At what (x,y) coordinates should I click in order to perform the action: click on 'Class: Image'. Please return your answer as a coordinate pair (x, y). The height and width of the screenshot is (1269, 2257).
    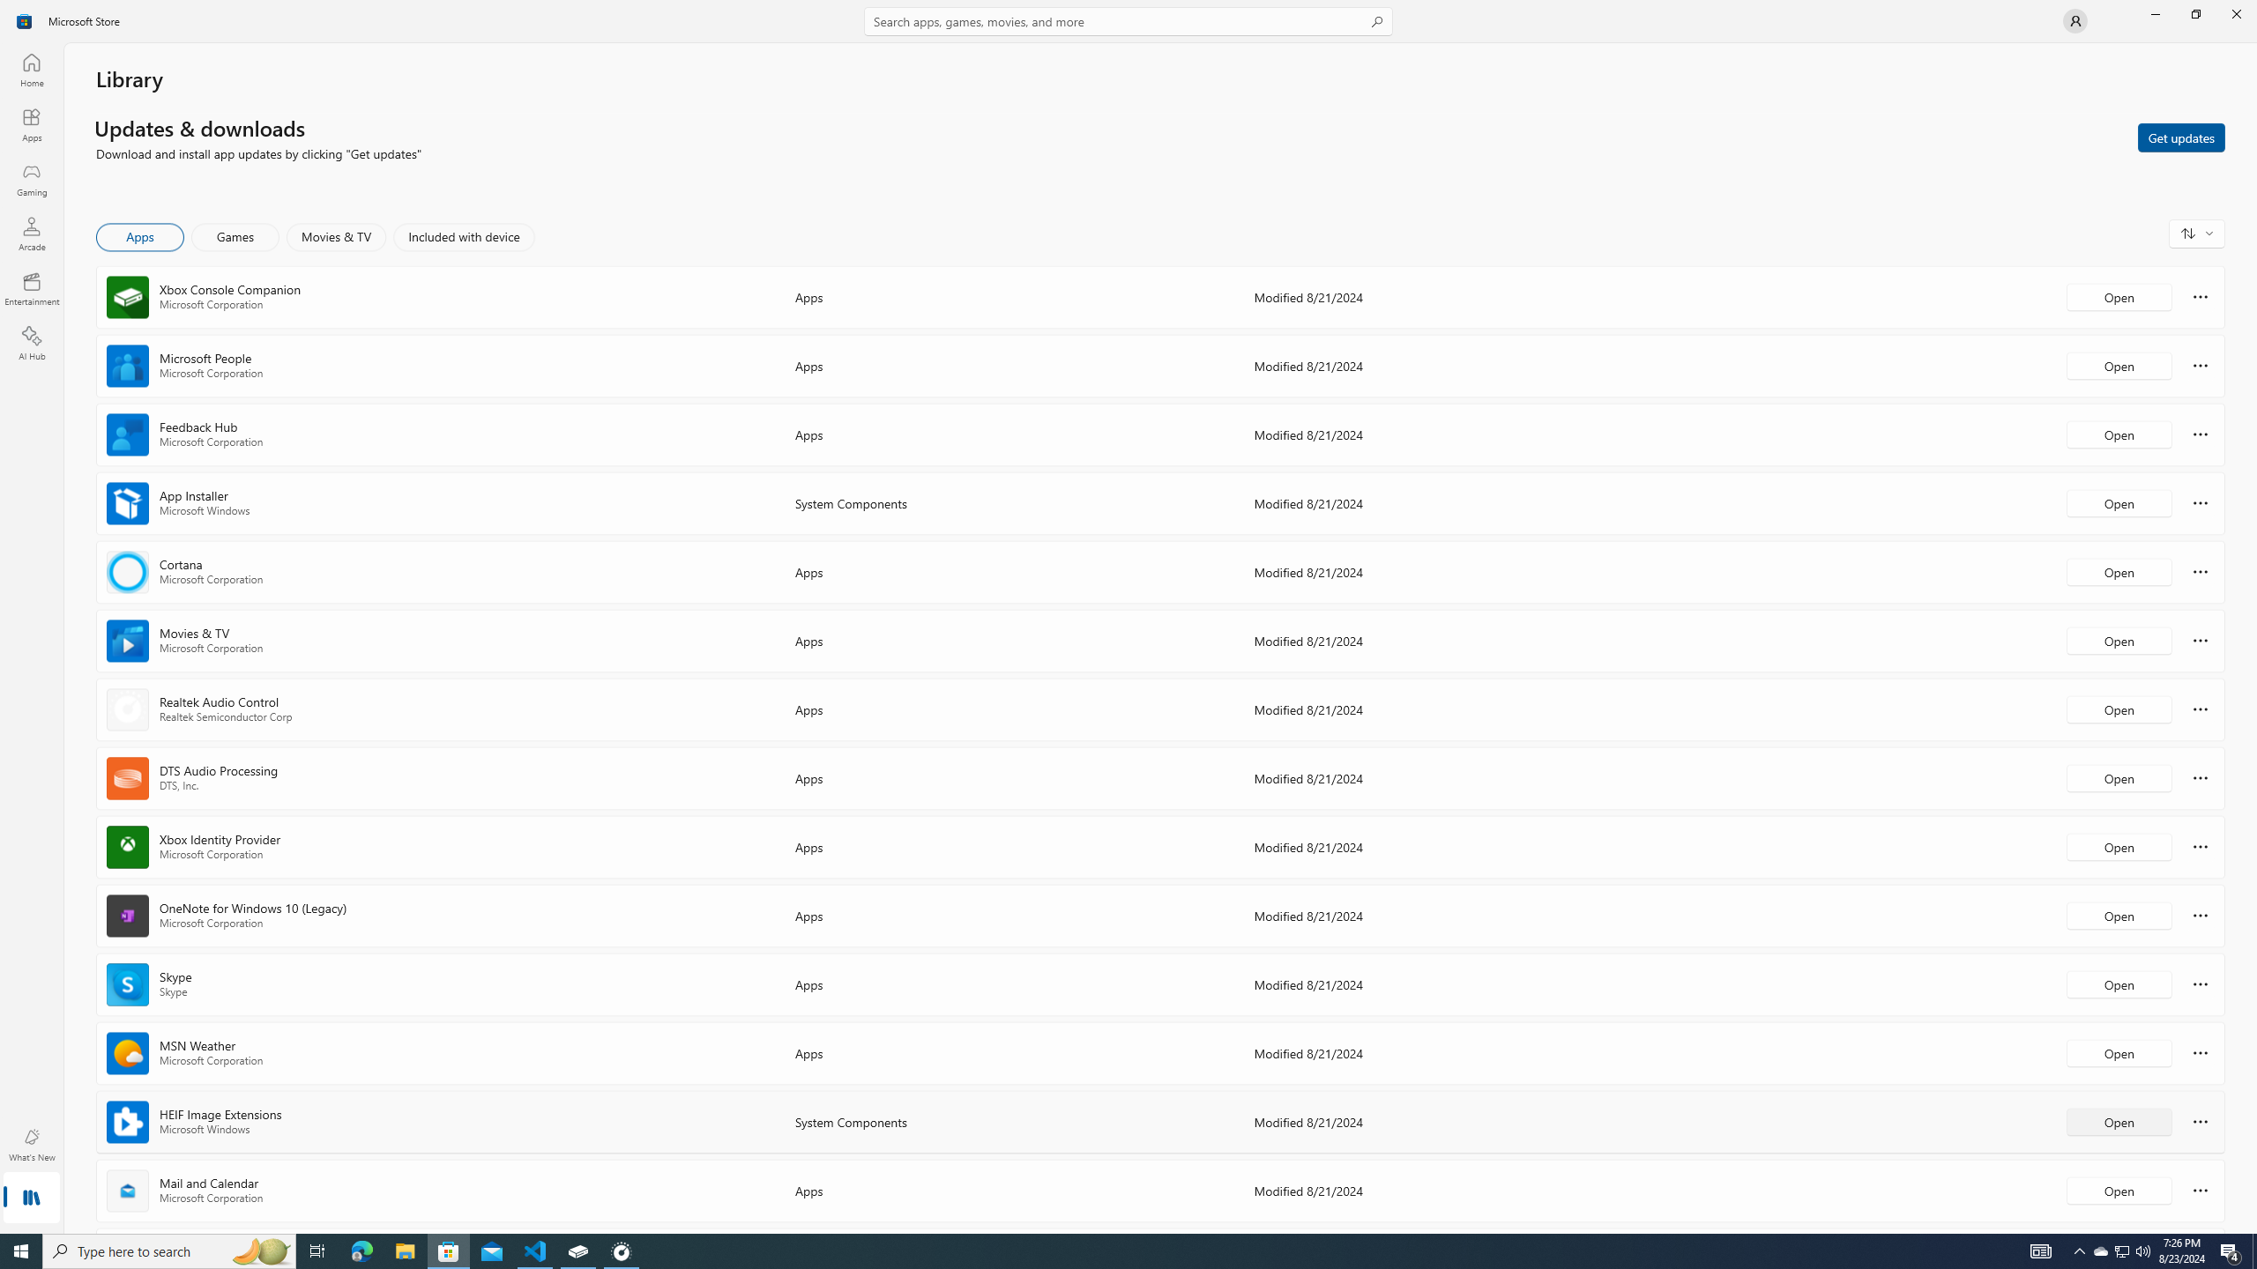
    Looking at the image, I should click on (25, 19).